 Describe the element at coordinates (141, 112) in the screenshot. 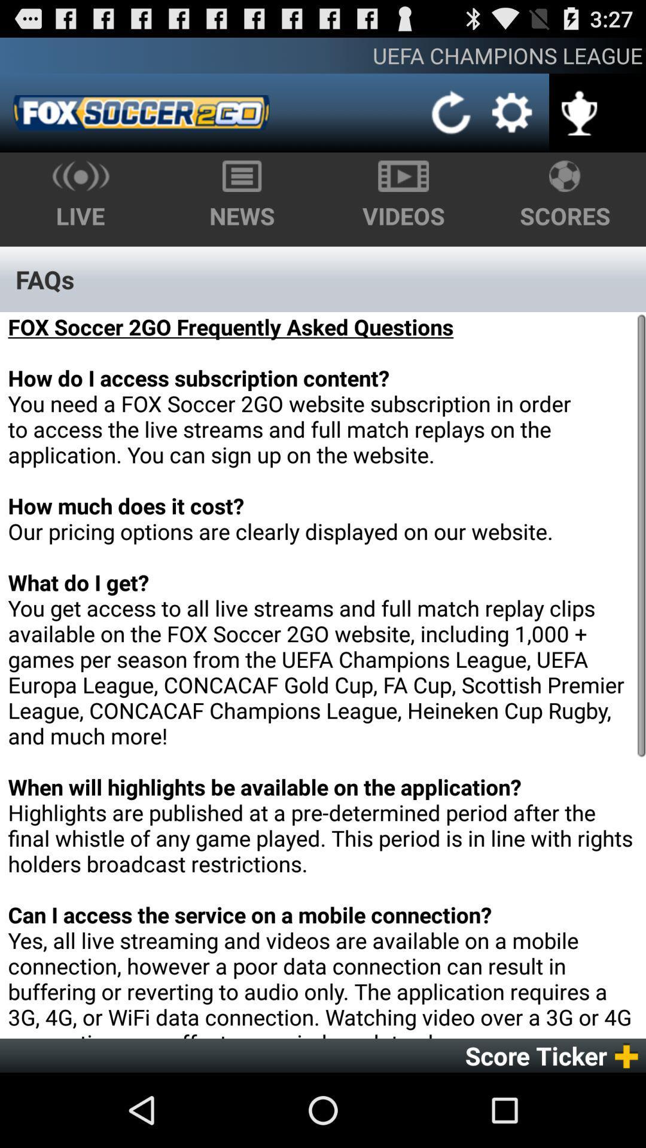

I see `item below the uefa champions league` at that location.